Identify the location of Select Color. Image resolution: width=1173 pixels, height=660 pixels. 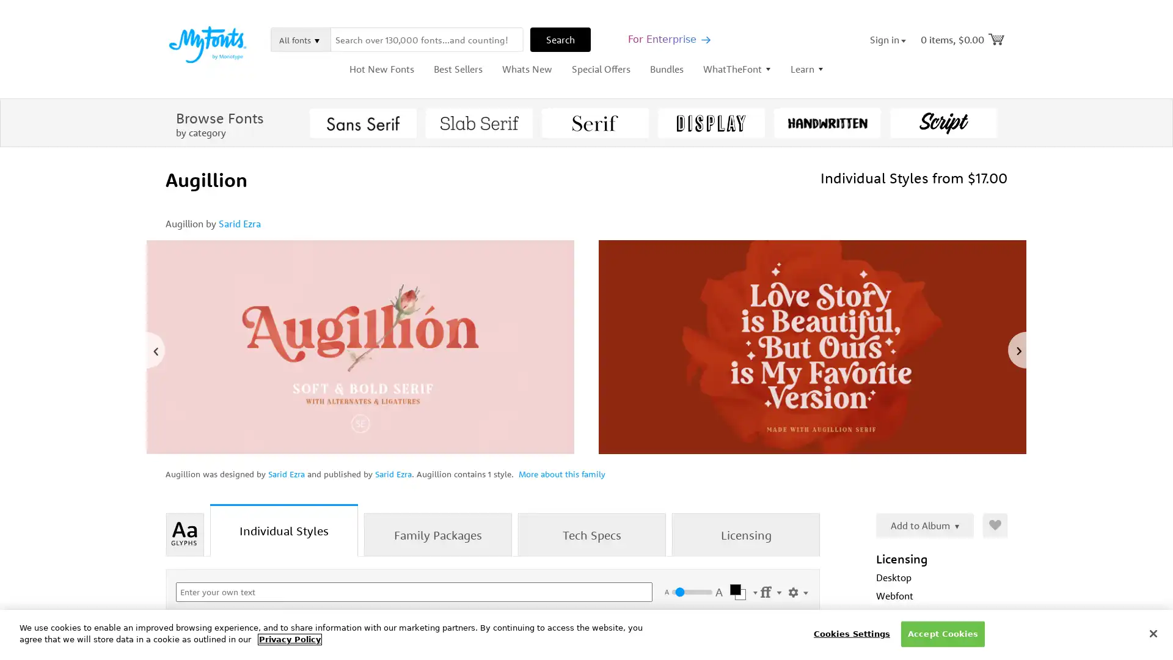
(741, 592).